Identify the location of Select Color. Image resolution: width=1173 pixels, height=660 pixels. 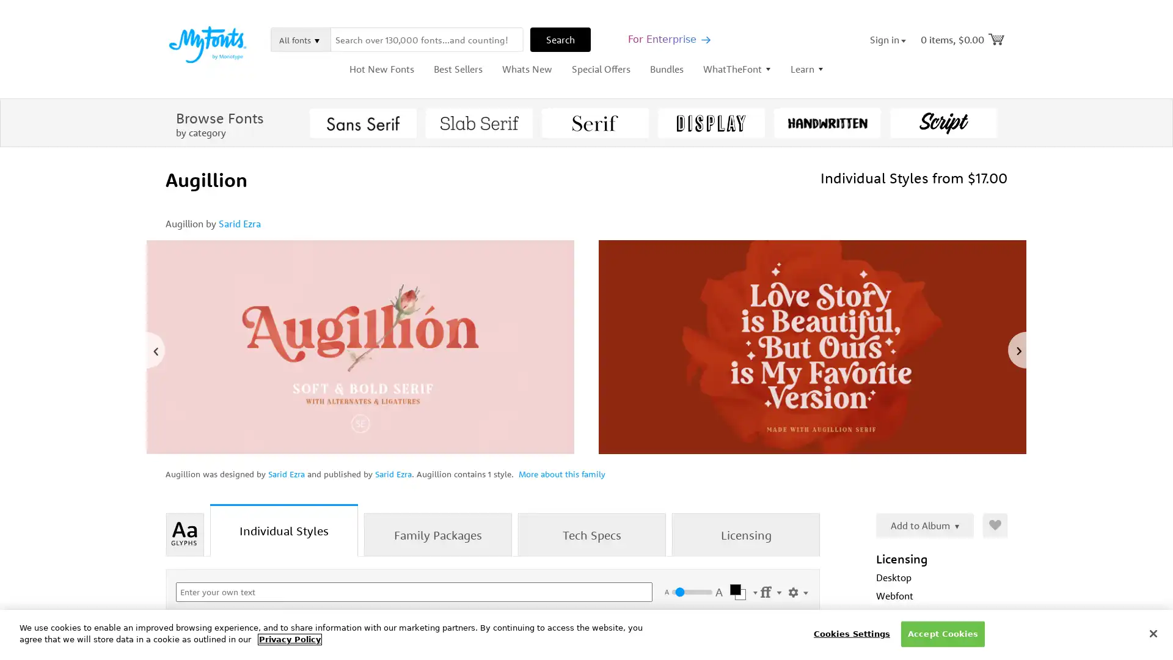
(741, 592).